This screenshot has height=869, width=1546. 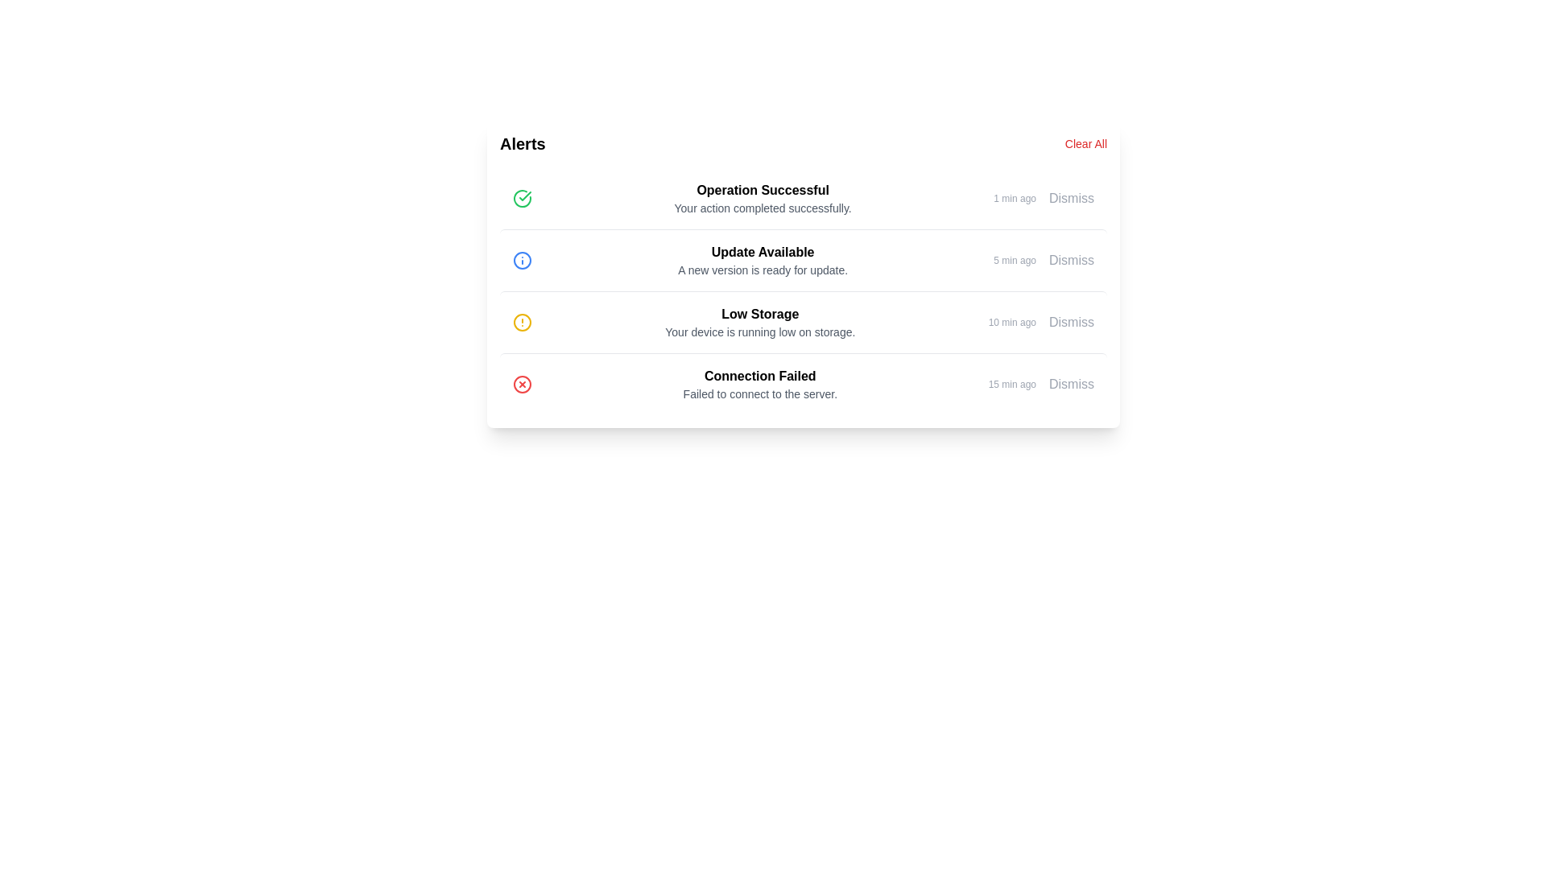 What do you see at coordinates (762, 207) in the screenshot?
I see `displayed text from the Text label located in the notification box, positioned directly below the title 'Operation Successful'` at bounding box center [762, 207].